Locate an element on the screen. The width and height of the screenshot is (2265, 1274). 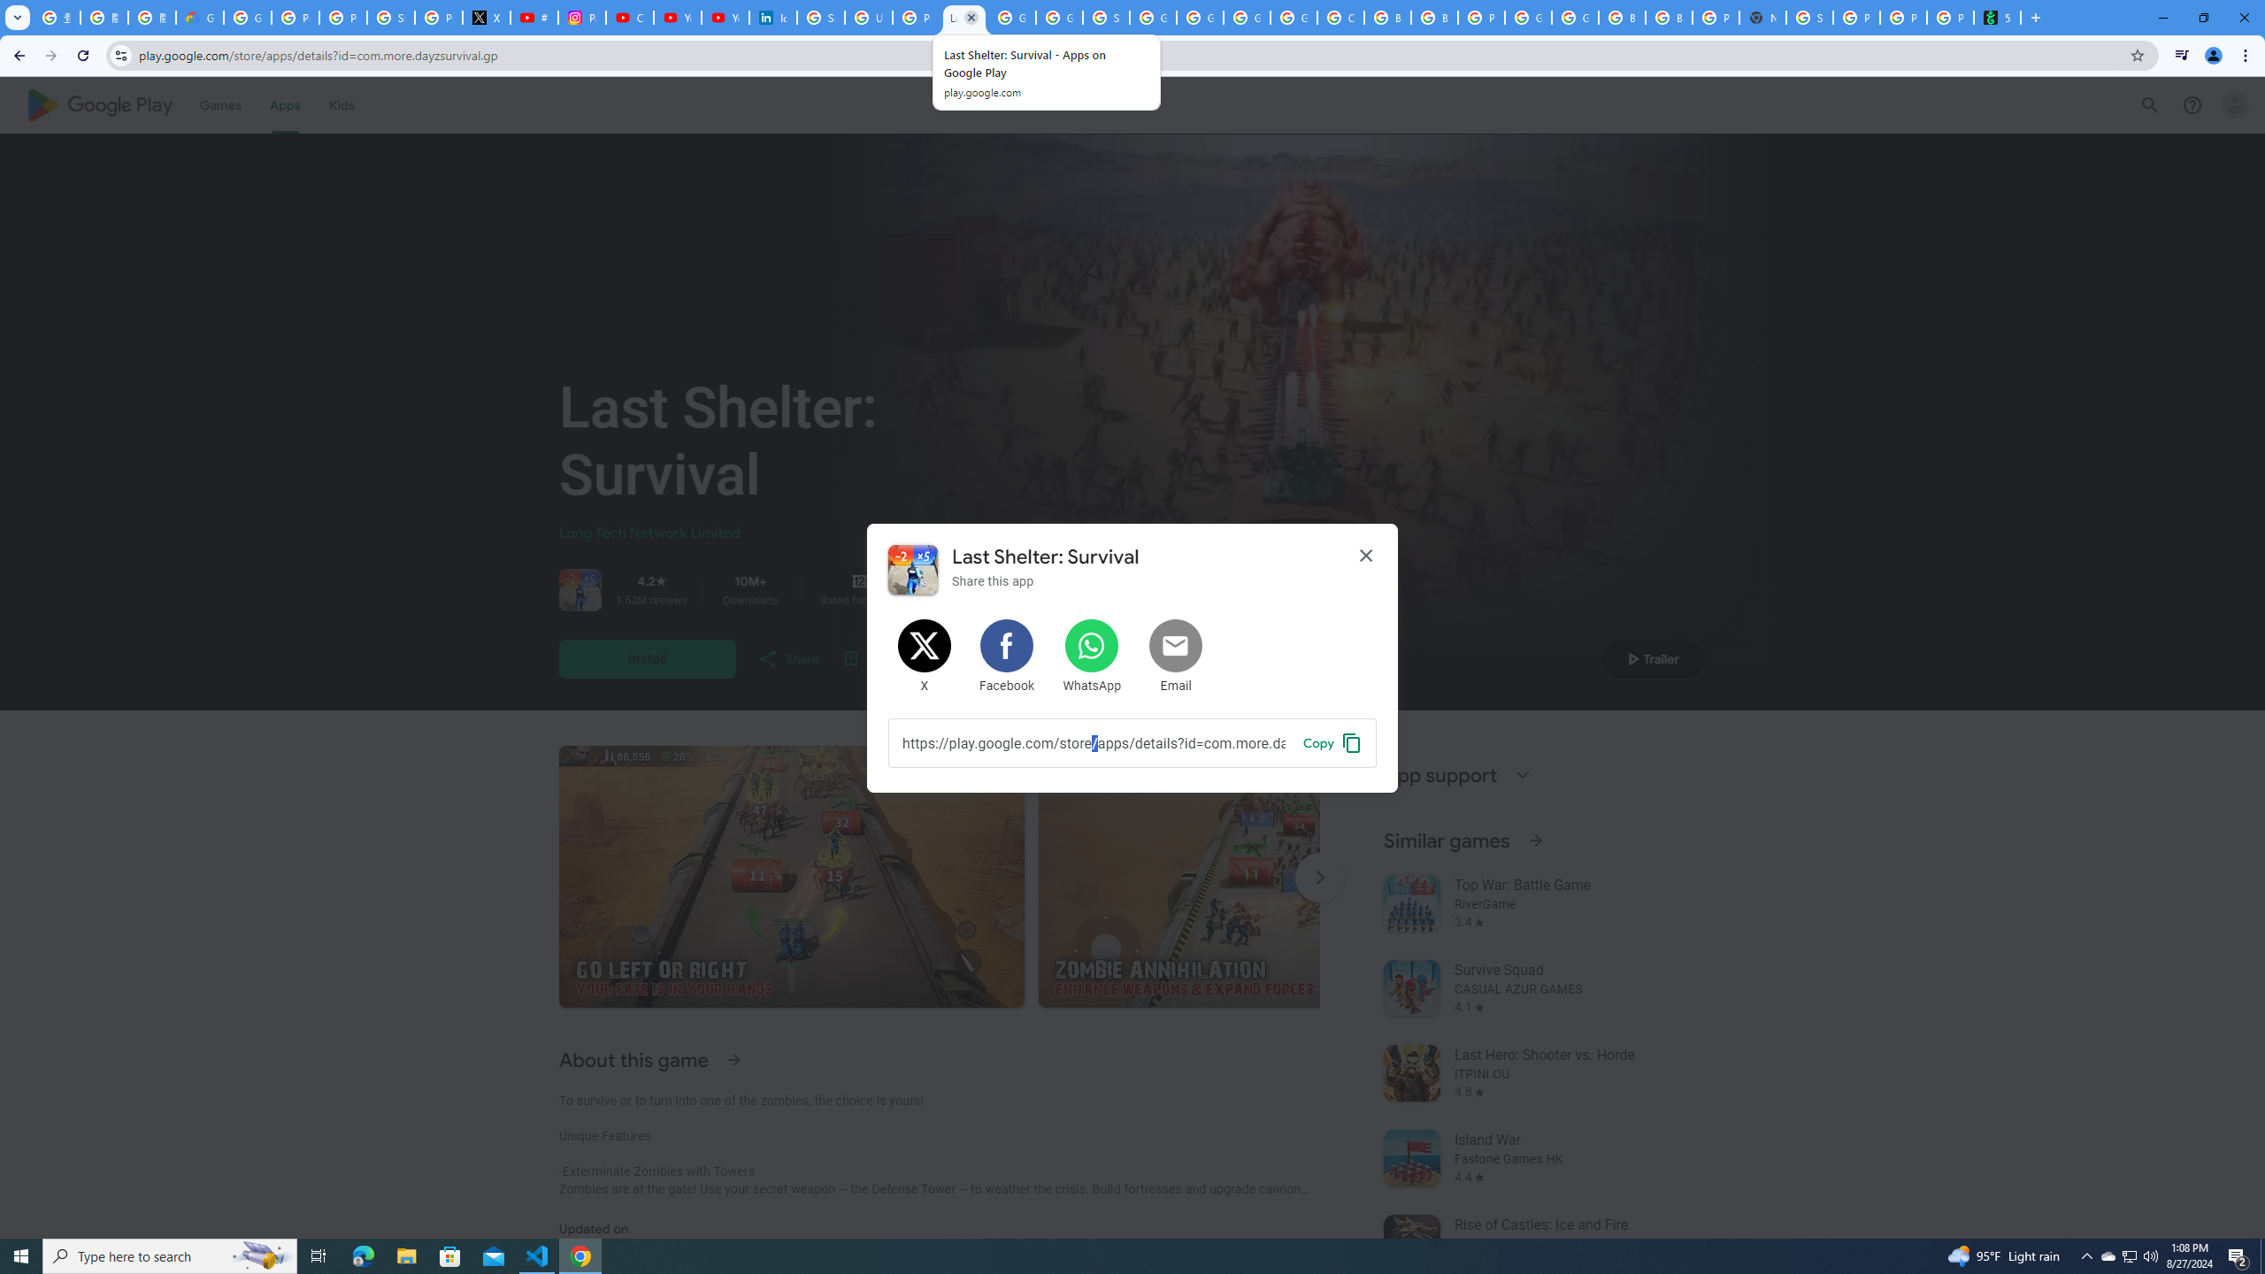
'Share on X (formerly Twitter)' is located at coordinates (924, 656).